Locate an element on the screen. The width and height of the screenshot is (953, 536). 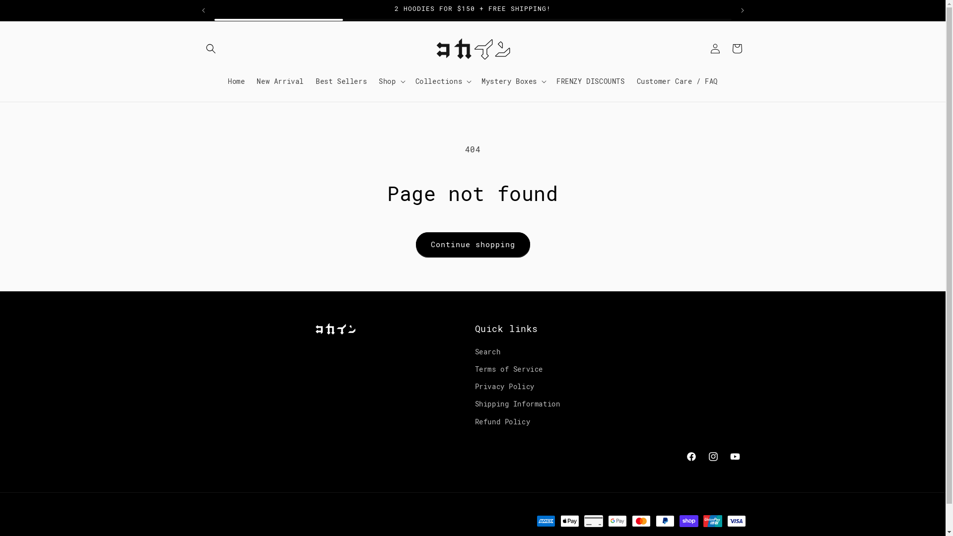
'Log in' is located at coordinates (715, 48).